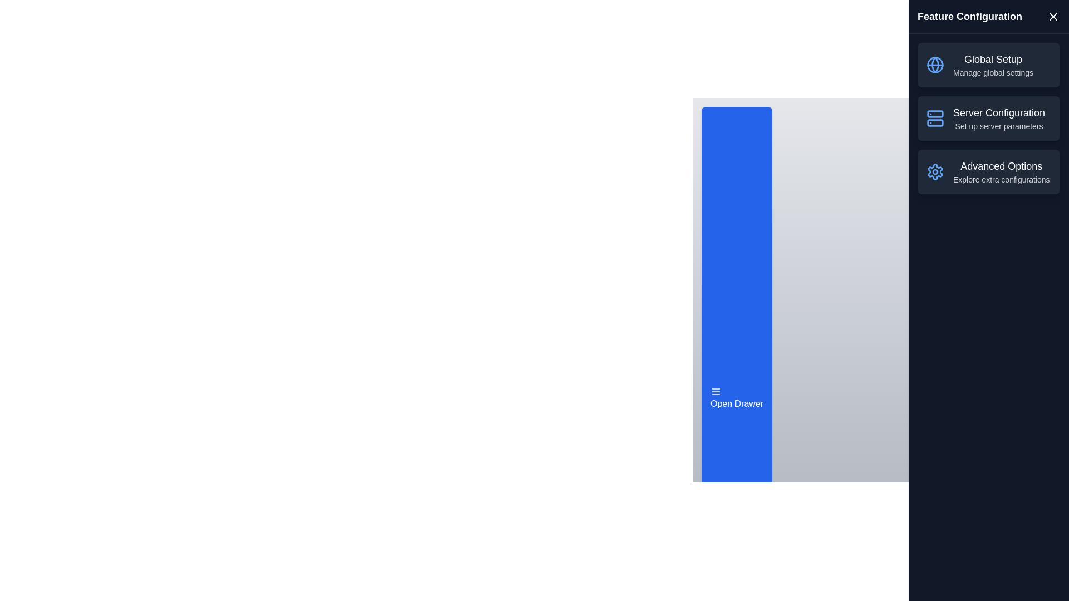 The width and height of the screenshot is (1069, 601). Describe the element at coordinates (989, 65) in the screenshot. I see `the feature item Global Setup in the list` at that location.